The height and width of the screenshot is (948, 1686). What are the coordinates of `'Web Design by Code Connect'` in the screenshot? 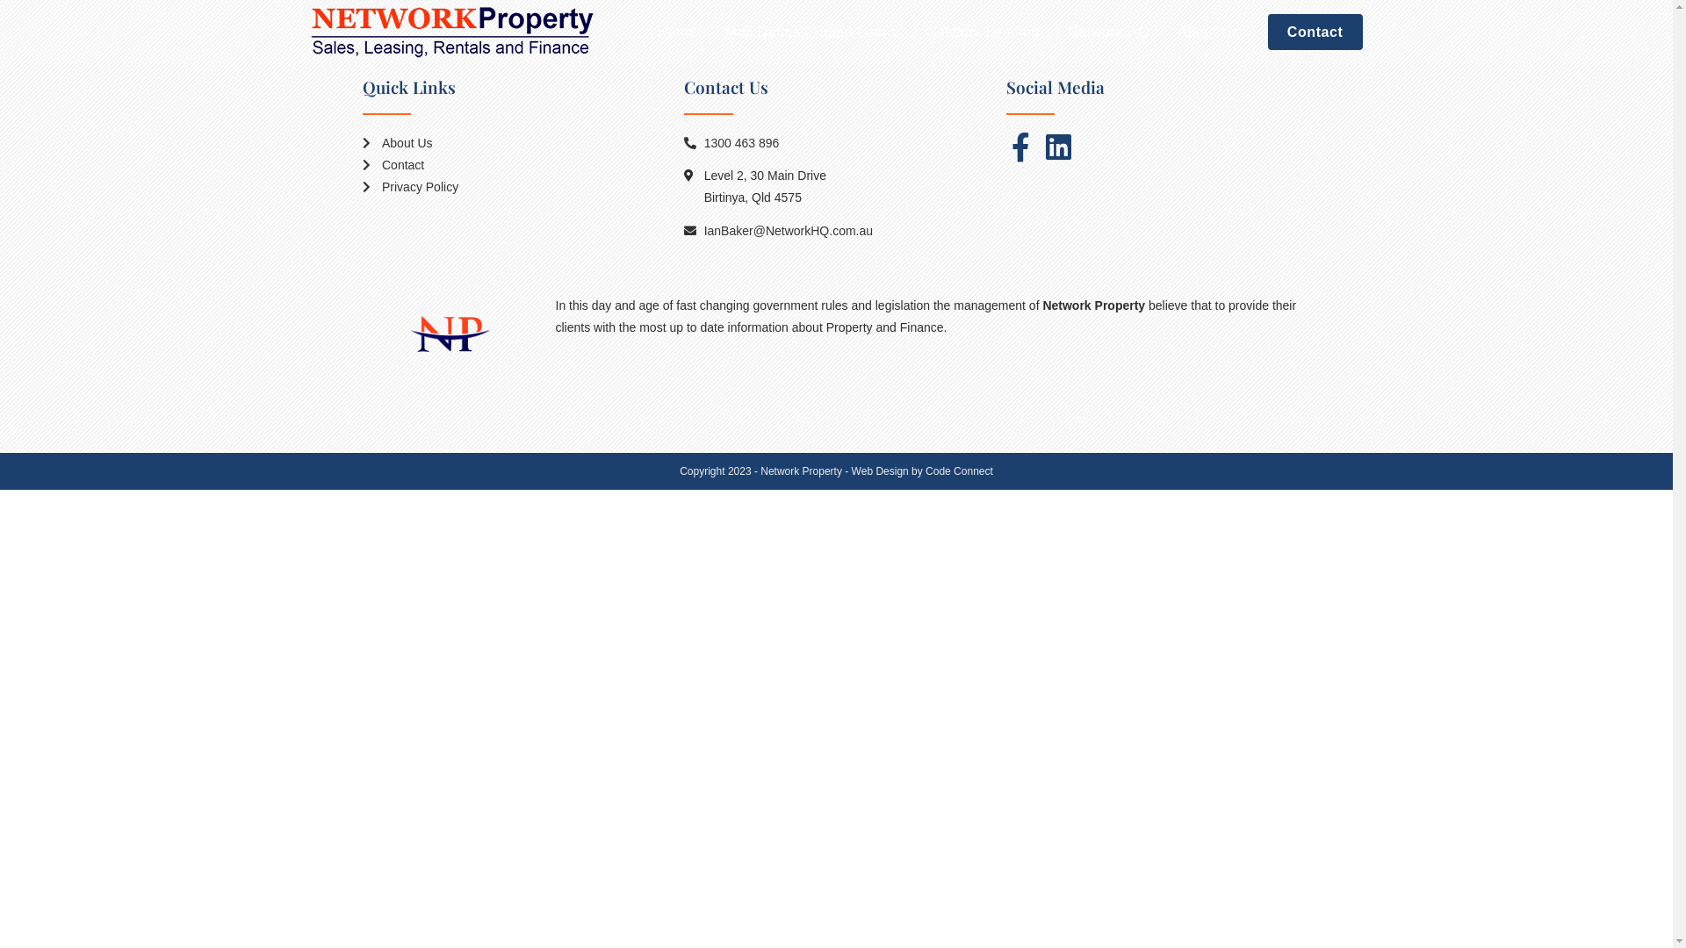 It's located at (921, 470).